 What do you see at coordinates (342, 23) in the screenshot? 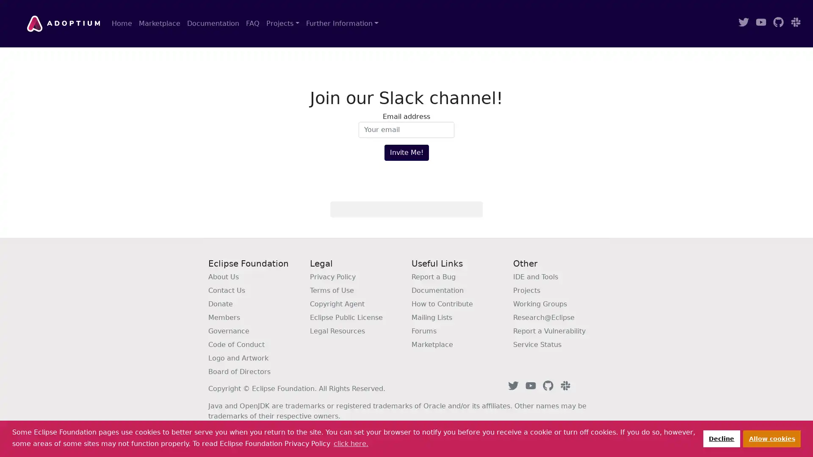
I see `Further Information` at bounding box center [342, 23].